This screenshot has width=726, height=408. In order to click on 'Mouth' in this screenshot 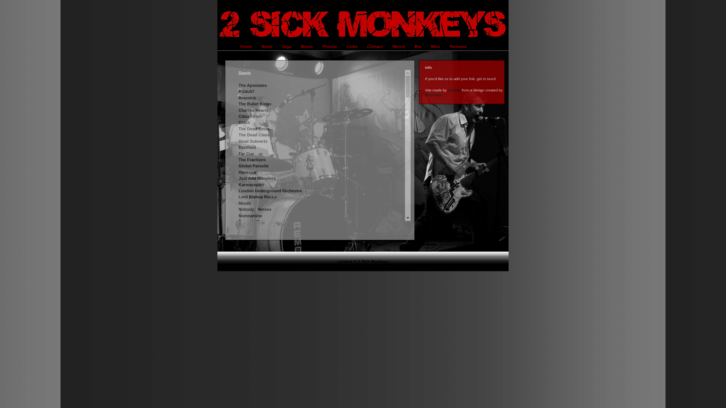, I will do `click(238, 202)`.